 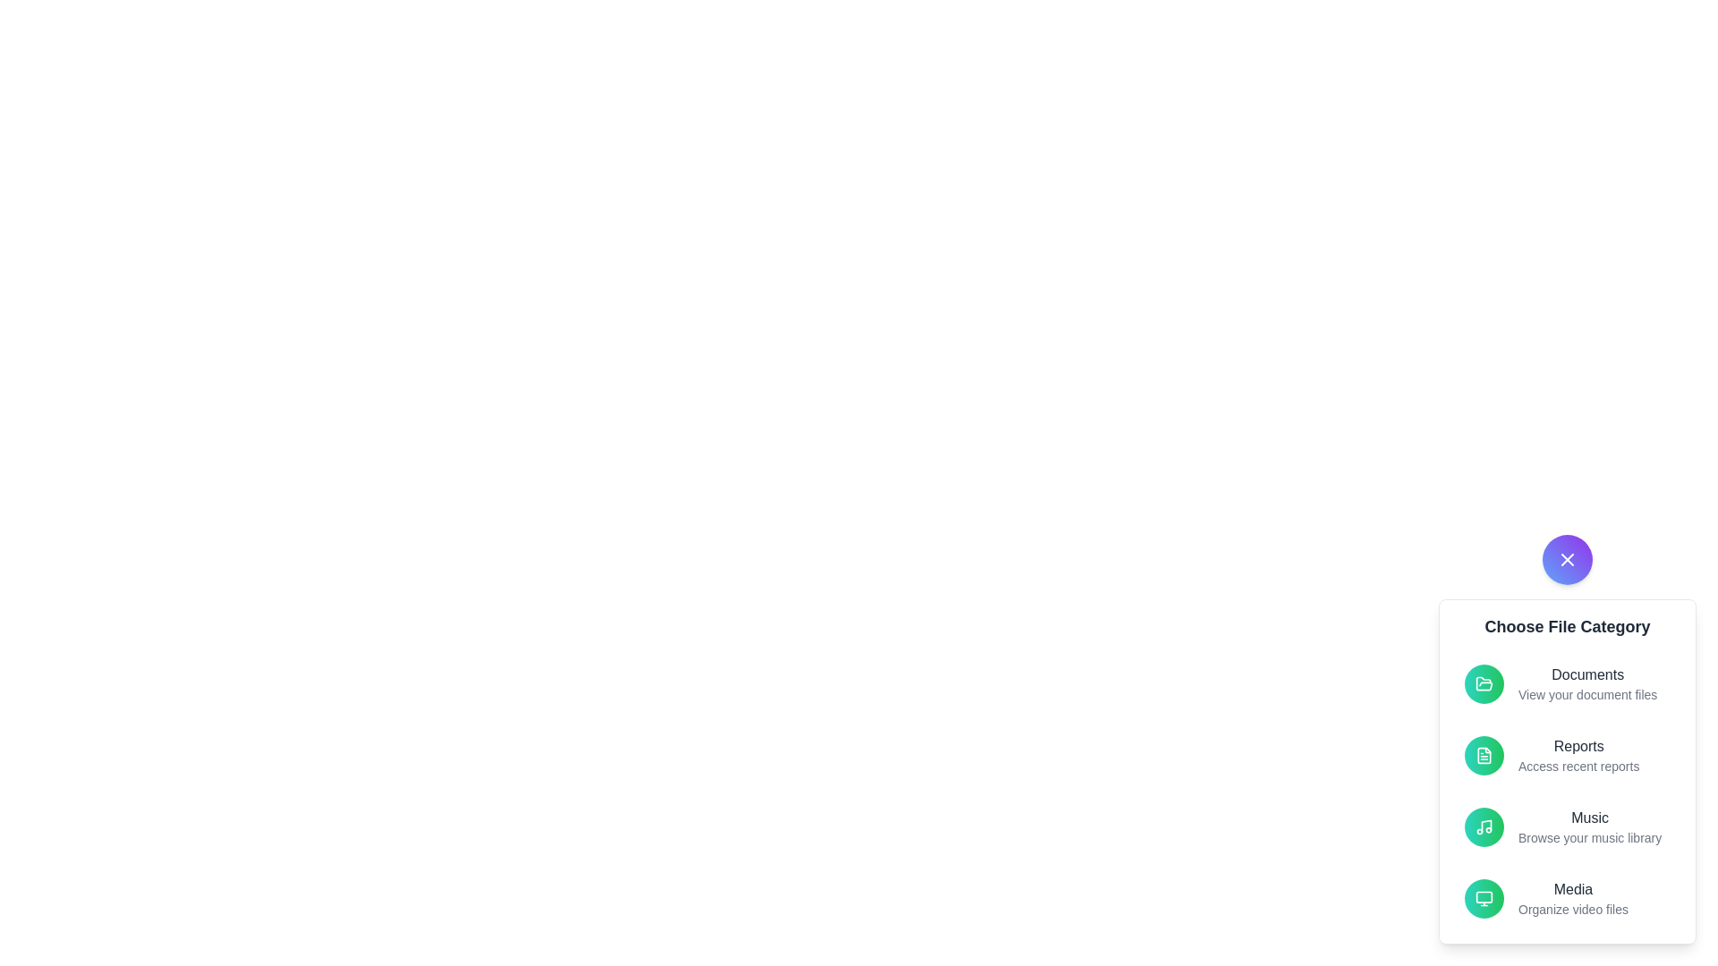 I want to click on the file category Reports by clicking on its respective button, so click(x=1484, y=755).